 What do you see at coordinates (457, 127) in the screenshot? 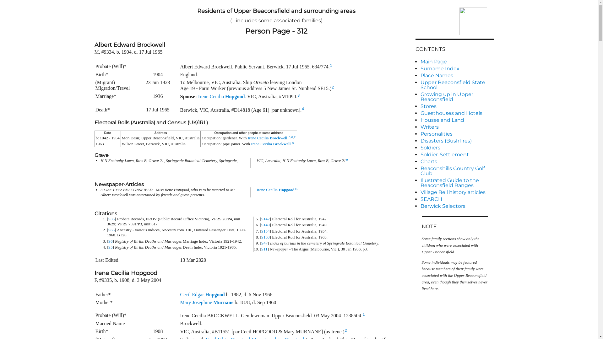
I see `'Writers'` at bounding box center [457, 127].